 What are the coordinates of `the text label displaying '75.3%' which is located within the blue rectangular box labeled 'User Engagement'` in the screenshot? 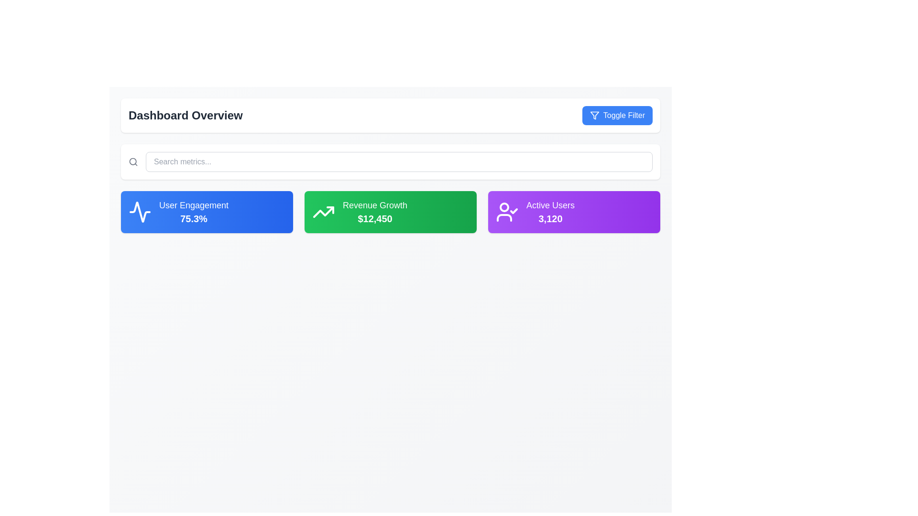 It's located at (193, 219).